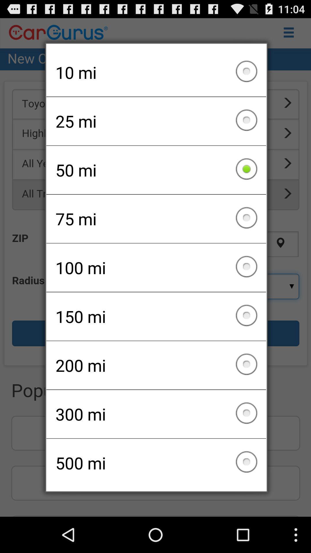  What do you see at coordinates (156, 267) in the screenshot?
I see `100 mi icon` at bounding box center [156, 267].